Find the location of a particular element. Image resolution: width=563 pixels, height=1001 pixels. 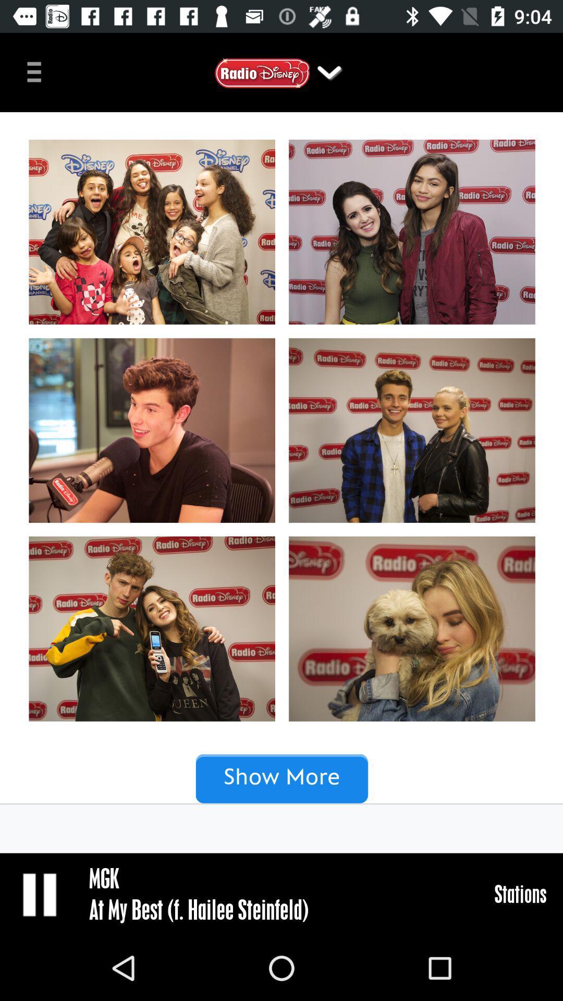

play is located at coordinates (40, 894).